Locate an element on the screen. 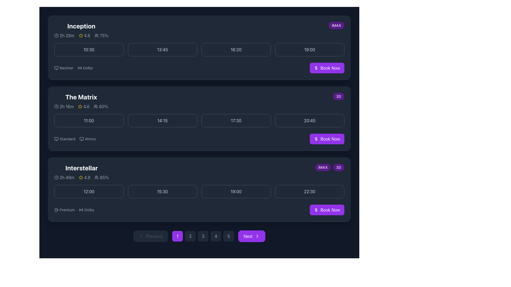  the circular icon resembling a radio broadcast symbol located to the left of the 'Dolby' label in the movie information card is located at coordinates (81, 210).